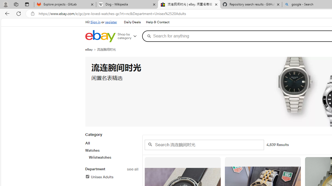  I want to click on 'Enter your search keyword', so click(204, 145).